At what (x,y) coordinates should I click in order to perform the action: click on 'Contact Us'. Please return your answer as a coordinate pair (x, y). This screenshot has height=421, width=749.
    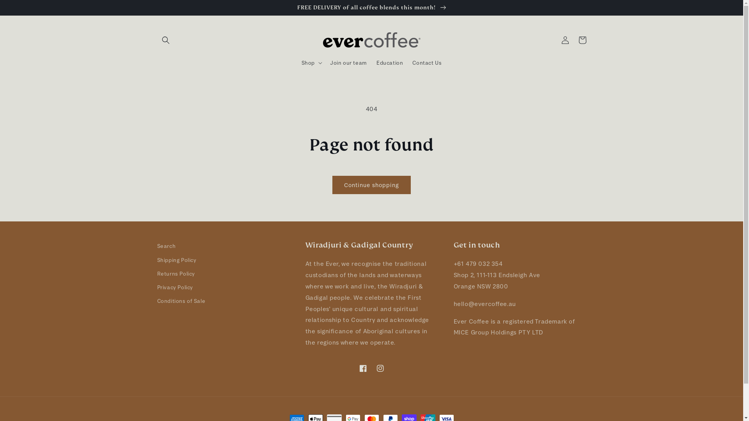
    Looking at the image, I should click on (426, 62).